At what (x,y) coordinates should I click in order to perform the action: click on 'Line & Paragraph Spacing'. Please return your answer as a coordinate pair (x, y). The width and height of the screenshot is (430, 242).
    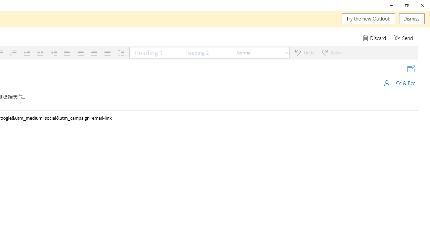
    Looking at the image, I should click on (121, 52).